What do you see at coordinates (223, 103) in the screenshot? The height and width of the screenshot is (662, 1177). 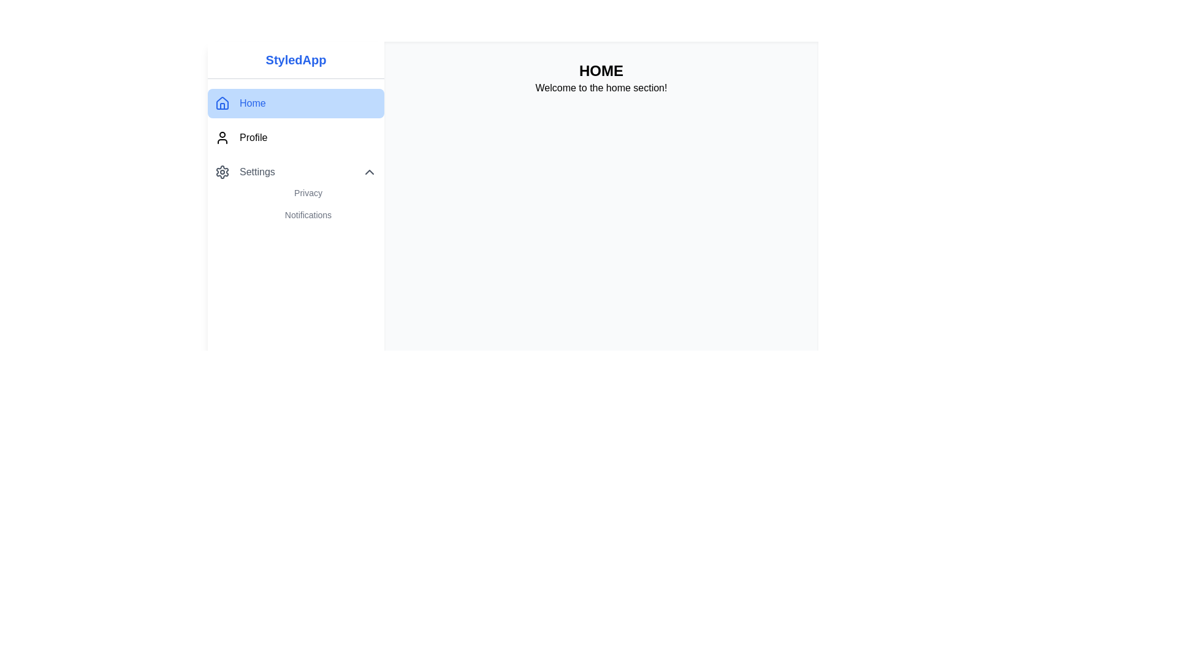 I see `the 'Home' SVG icon in the navigation panel to trigger potential tooltips` at bounding box center [223, 103].